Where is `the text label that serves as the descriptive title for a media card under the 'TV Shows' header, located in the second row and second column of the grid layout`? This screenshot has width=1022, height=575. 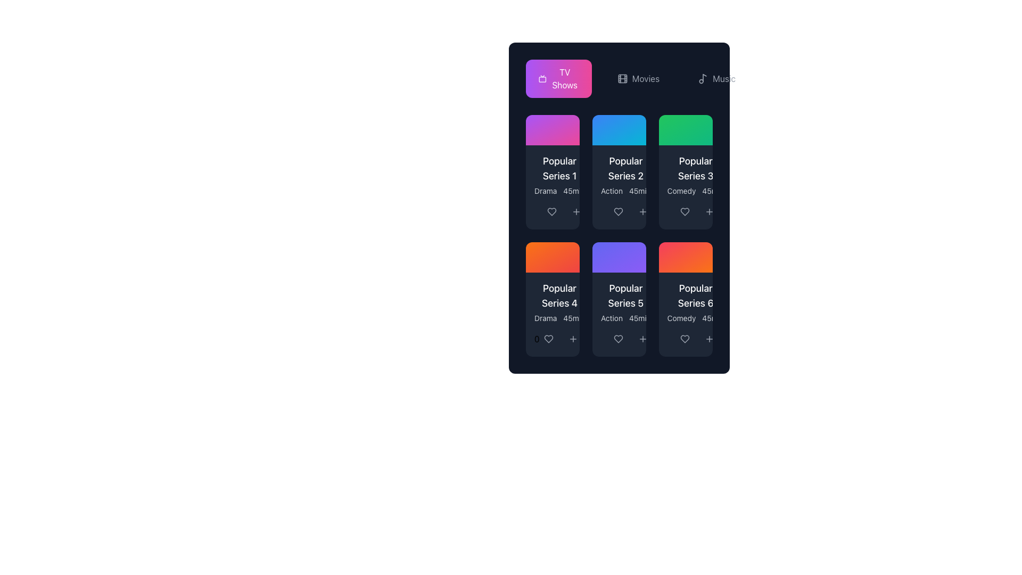 the text label that serves as the descriptive title for a media card under the 'TV Shows' header, located in the second row and second column of the grid layout is located at coordinates (626, 295).